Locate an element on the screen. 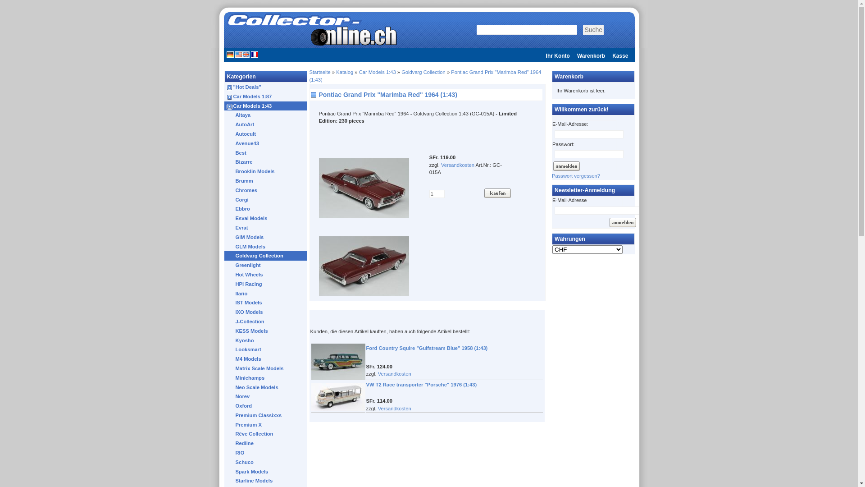  'Looksmart' is located at coordinates (267, 349).